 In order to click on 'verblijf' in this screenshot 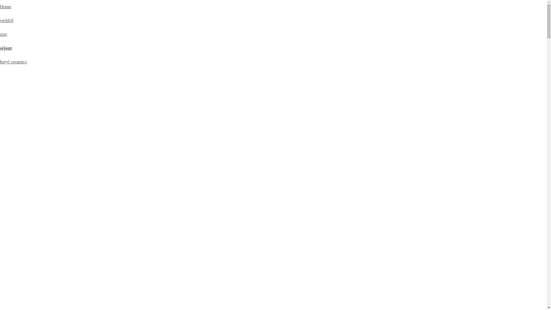, I will do `click(7, 20)`.